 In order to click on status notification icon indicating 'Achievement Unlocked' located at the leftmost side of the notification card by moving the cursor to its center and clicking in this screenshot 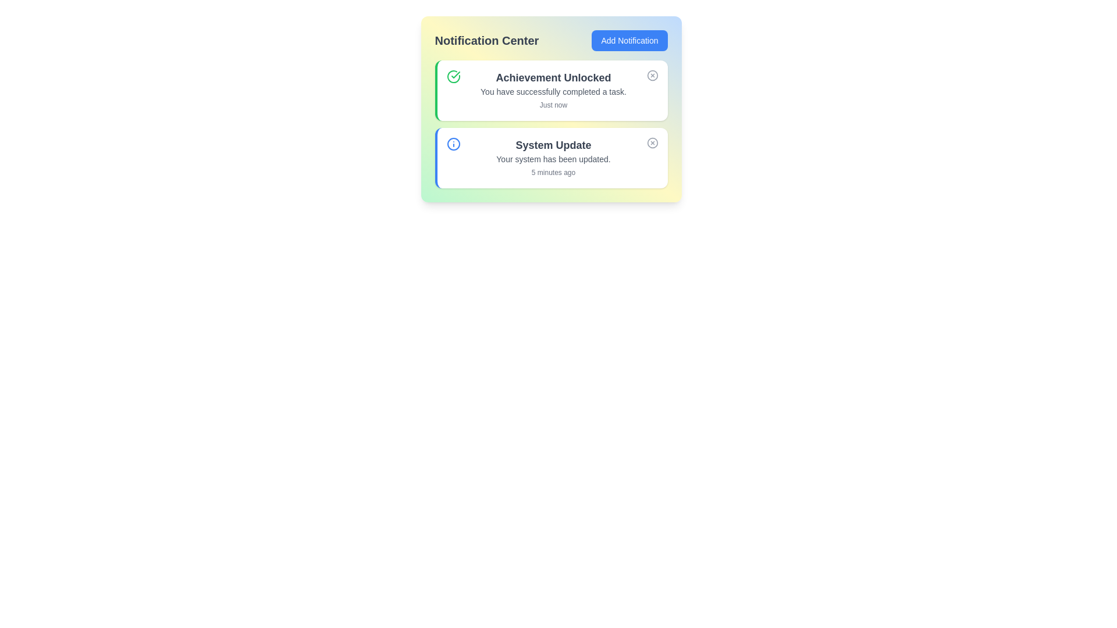, I will do `click(453, 76)`.